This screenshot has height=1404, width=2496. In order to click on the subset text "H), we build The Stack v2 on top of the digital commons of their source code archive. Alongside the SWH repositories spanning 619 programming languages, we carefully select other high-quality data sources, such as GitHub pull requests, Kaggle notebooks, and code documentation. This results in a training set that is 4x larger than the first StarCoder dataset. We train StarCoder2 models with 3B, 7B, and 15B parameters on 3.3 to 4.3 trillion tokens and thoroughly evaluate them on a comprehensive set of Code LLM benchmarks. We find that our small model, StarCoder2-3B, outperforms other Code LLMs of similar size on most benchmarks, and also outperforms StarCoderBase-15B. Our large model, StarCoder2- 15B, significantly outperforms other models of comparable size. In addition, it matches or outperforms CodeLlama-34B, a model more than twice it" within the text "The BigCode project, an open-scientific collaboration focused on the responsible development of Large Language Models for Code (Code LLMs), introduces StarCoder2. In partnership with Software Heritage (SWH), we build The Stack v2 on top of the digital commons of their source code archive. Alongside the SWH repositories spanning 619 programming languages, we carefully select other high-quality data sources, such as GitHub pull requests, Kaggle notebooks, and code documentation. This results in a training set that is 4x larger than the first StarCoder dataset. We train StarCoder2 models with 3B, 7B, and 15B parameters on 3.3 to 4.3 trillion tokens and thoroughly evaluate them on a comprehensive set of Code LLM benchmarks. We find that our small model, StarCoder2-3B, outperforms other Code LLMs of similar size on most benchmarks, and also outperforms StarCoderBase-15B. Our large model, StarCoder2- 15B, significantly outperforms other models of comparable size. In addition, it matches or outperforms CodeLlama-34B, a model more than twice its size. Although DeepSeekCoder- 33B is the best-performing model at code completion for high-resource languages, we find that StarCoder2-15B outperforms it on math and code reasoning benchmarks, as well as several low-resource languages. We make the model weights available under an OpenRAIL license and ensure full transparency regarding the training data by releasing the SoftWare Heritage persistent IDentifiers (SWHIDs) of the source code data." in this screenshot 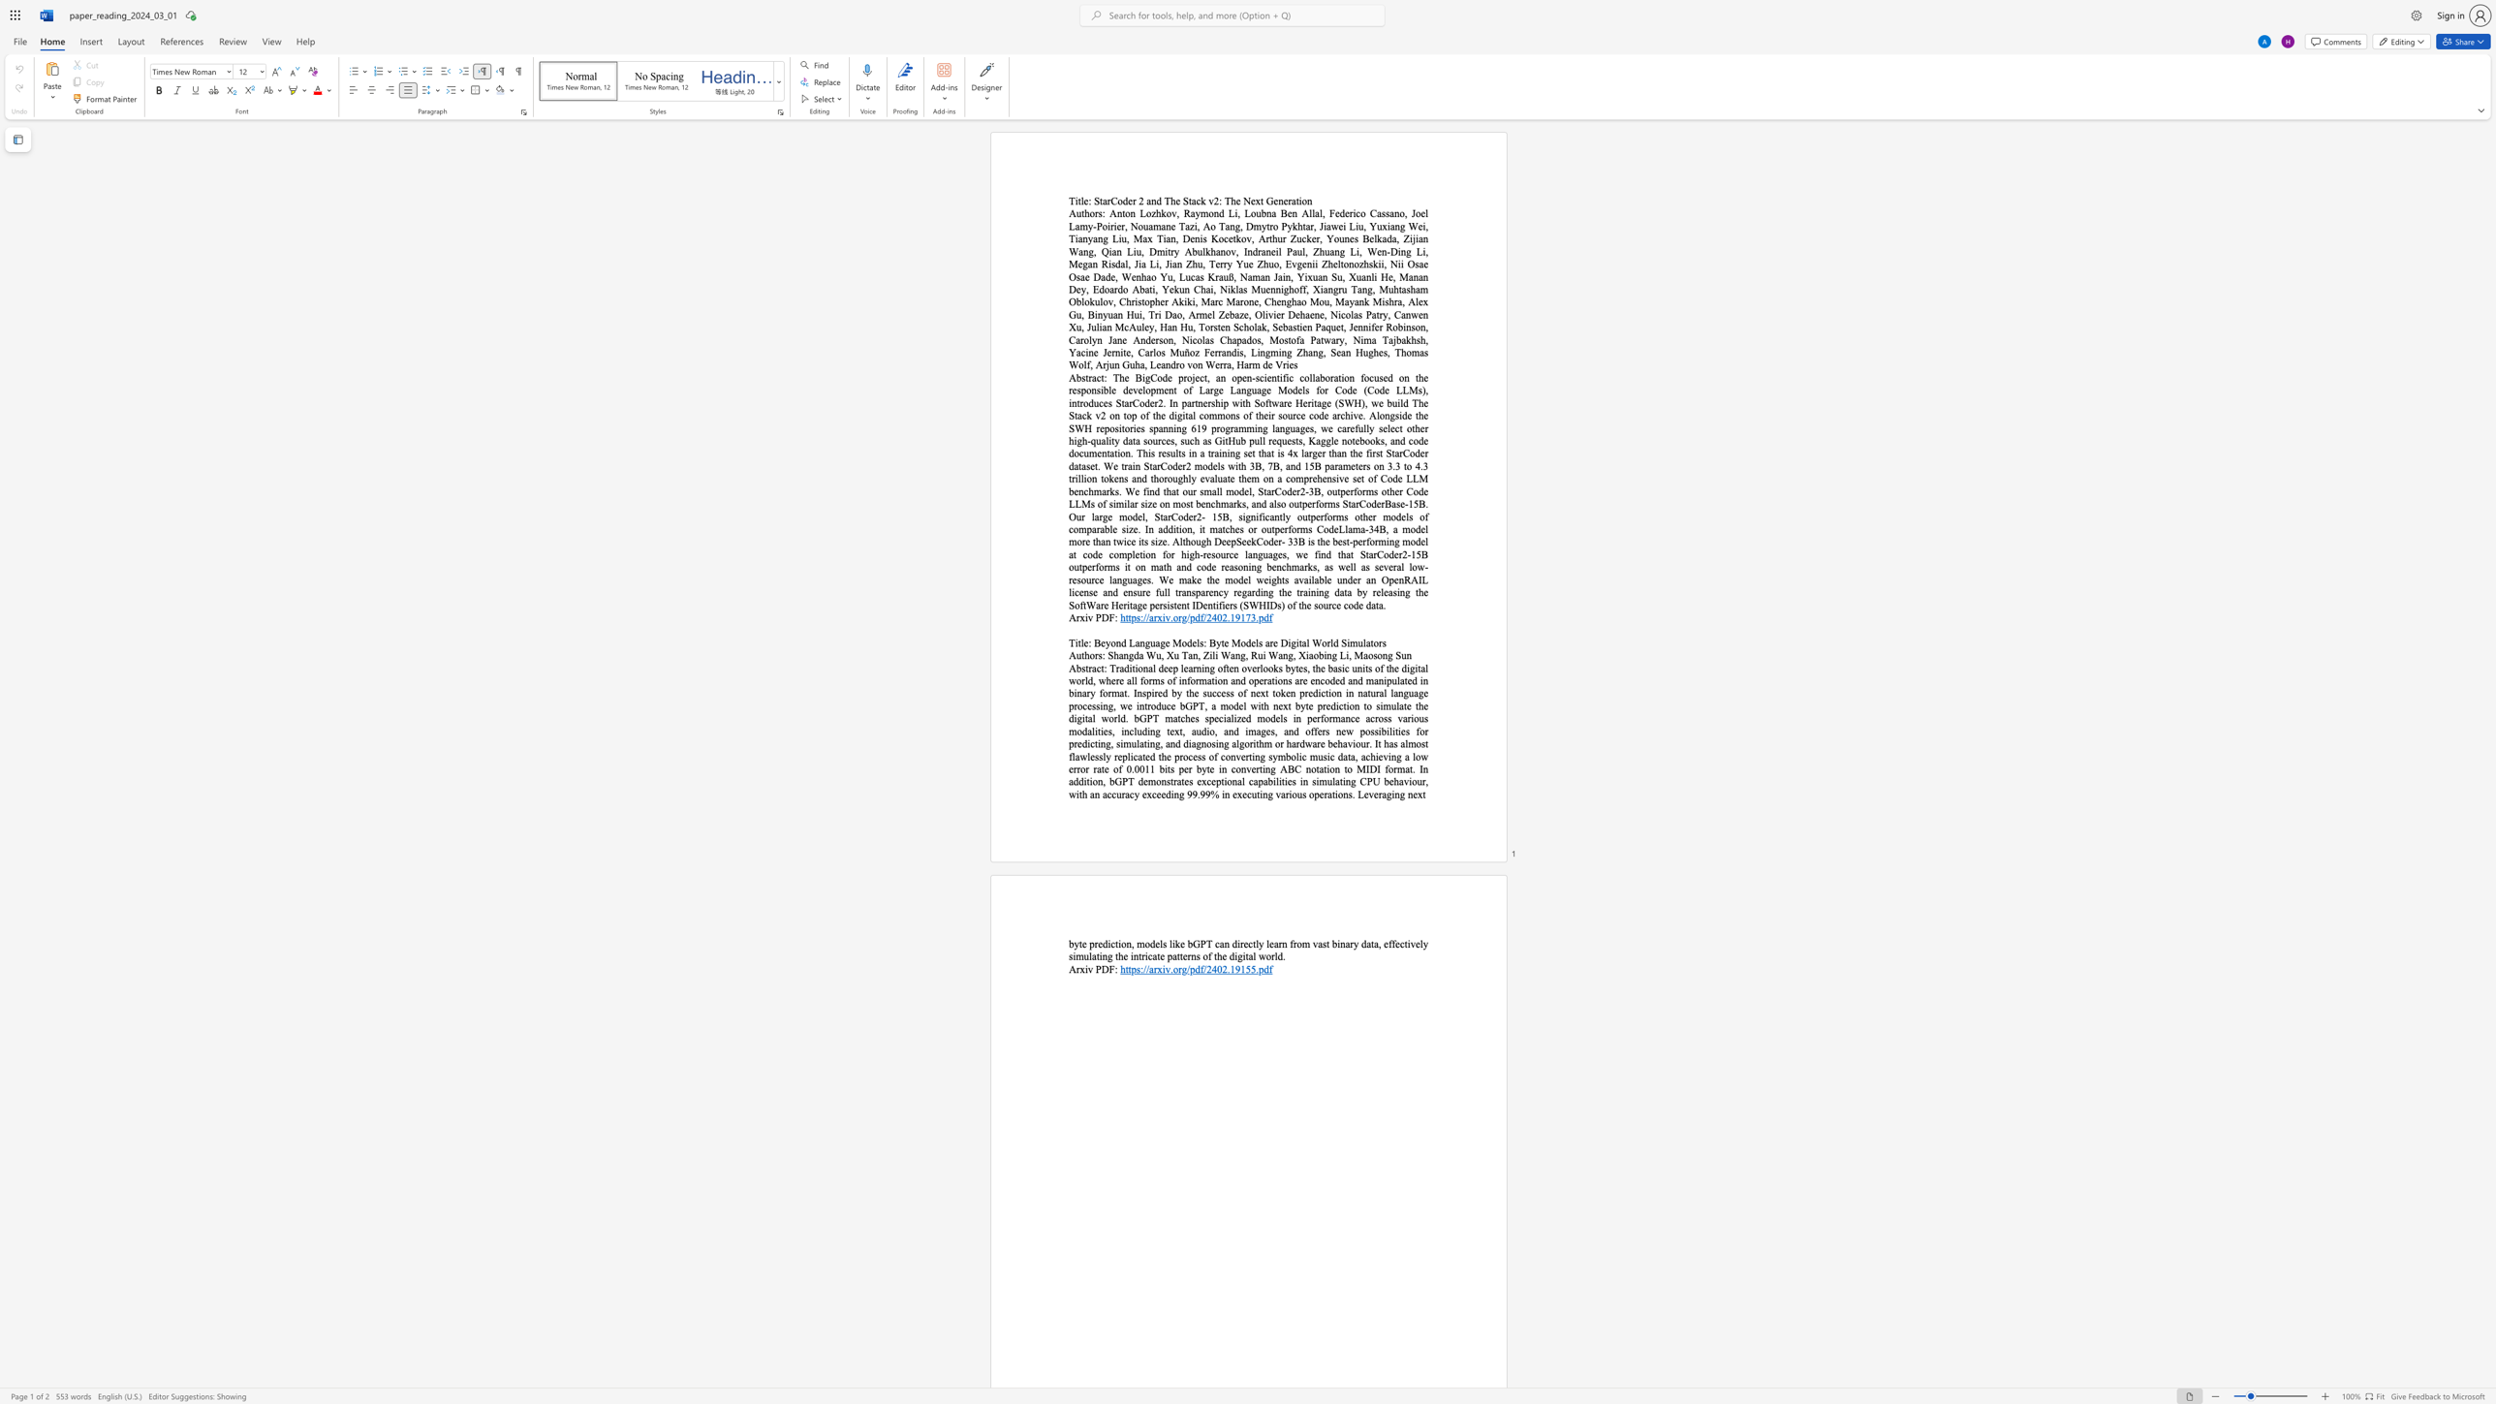, I will do `click(1354, 402)`.